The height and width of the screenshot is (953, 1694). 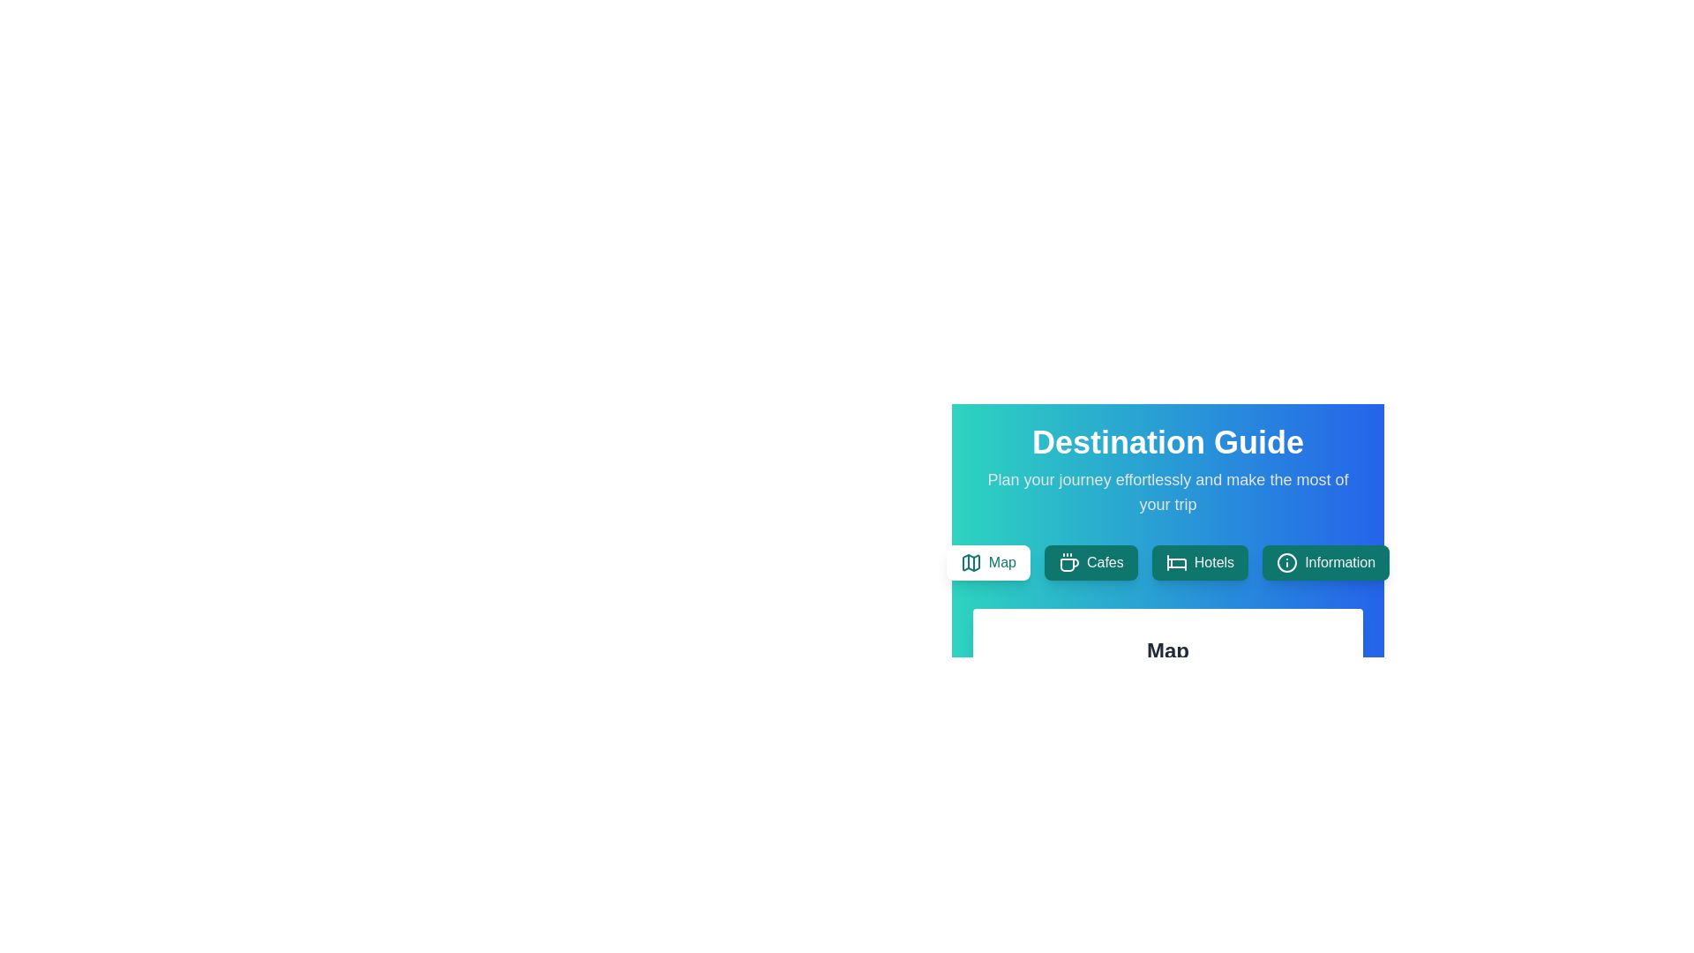 What do you see at coordinates (1325, 562) in the screenshot?
I see `the Information tab in the navigation menu` at bounding box center [1325, 562].